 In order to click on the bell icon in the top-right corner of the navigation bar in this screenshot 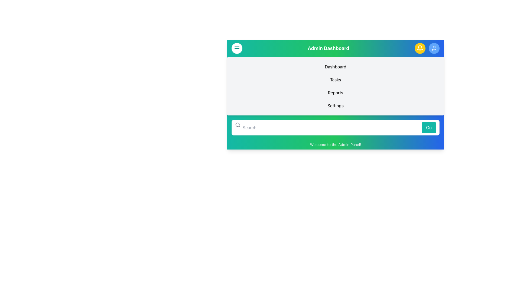, I will do `click(420, 48)`.